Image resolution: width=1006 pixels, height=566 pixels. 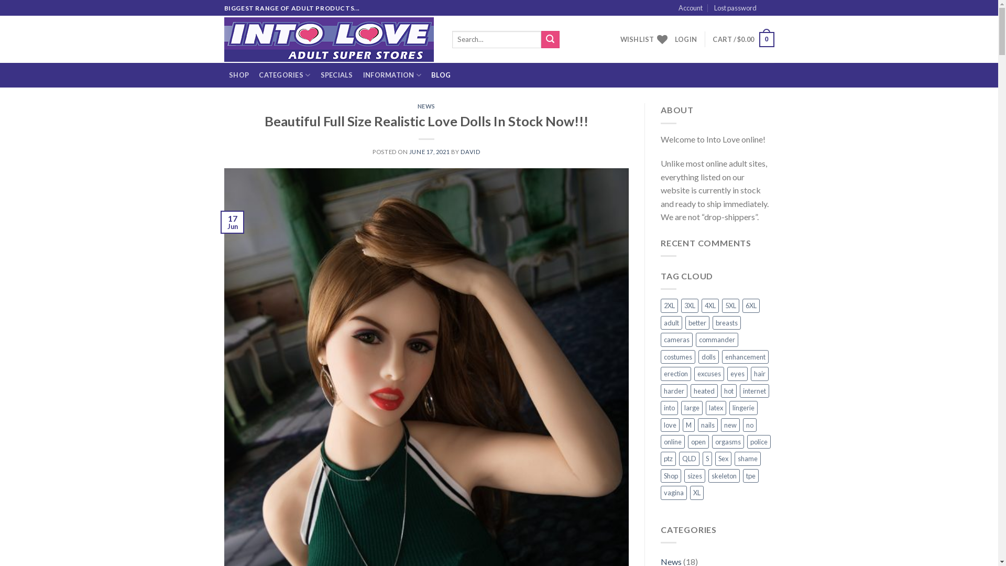 What do you see at coordinates (409, 151) in the screenshot?
I see `'JUNE 17, 2021'` at bounding box center [409, 151].